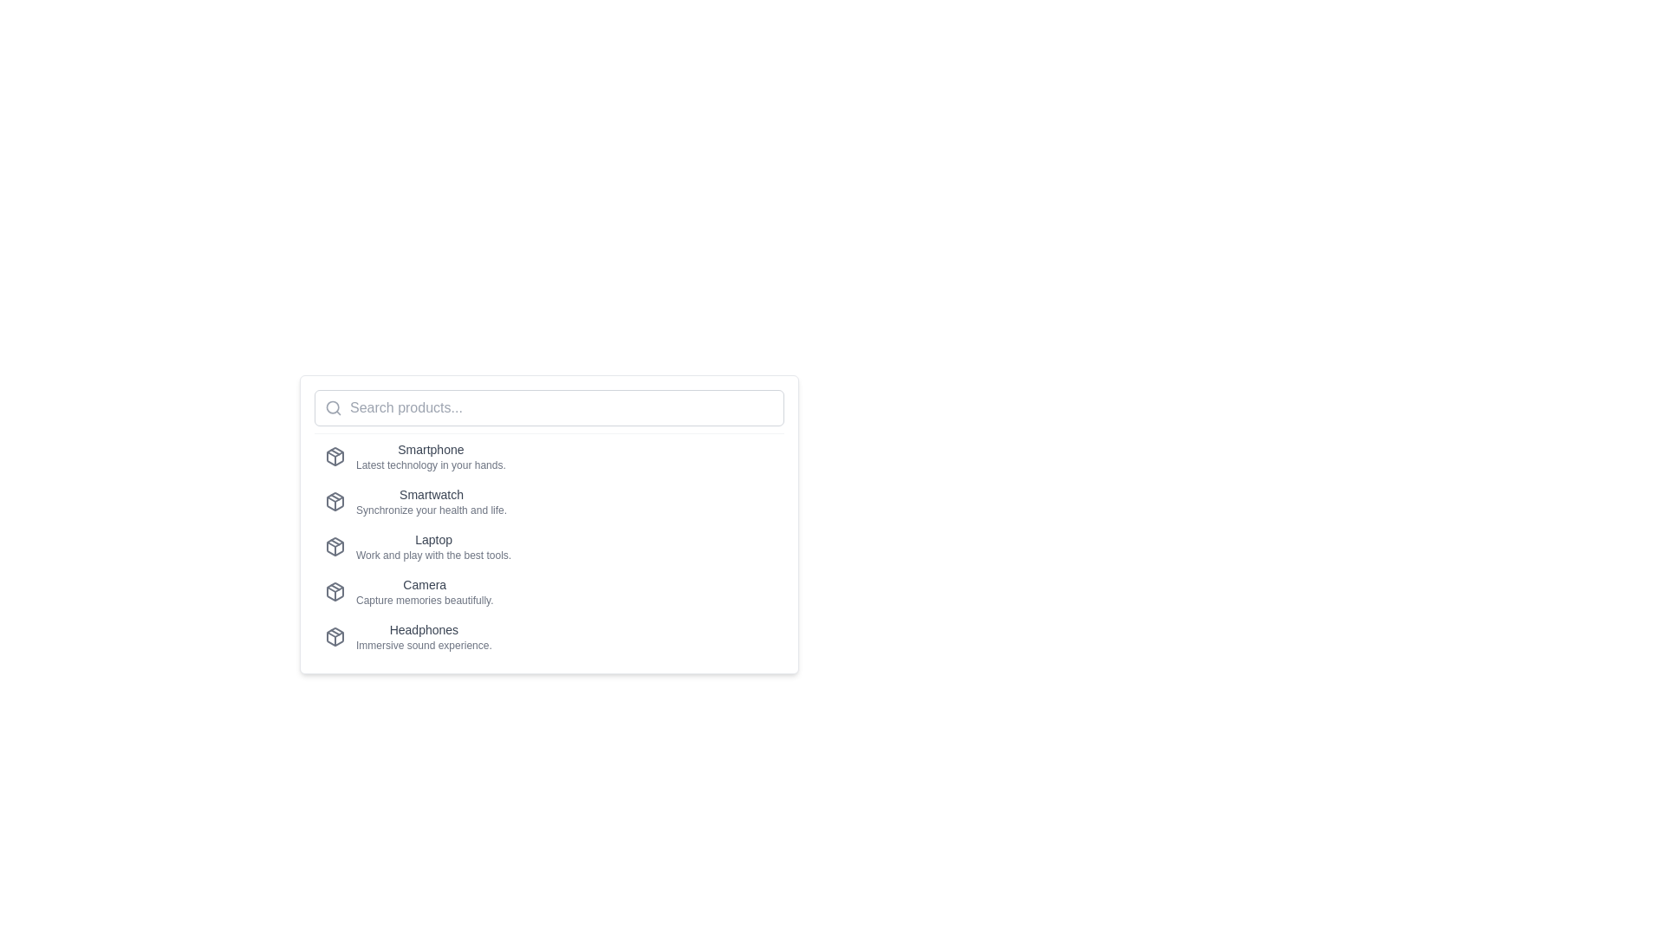  What do you see at coordinates (425, 600) in the screenshot?
I see `the text caption that says 'Capture memories beautifully.', which is styled with a small, gray font and located directly below the 'Camera' heading` at bounding box center [425, 600].